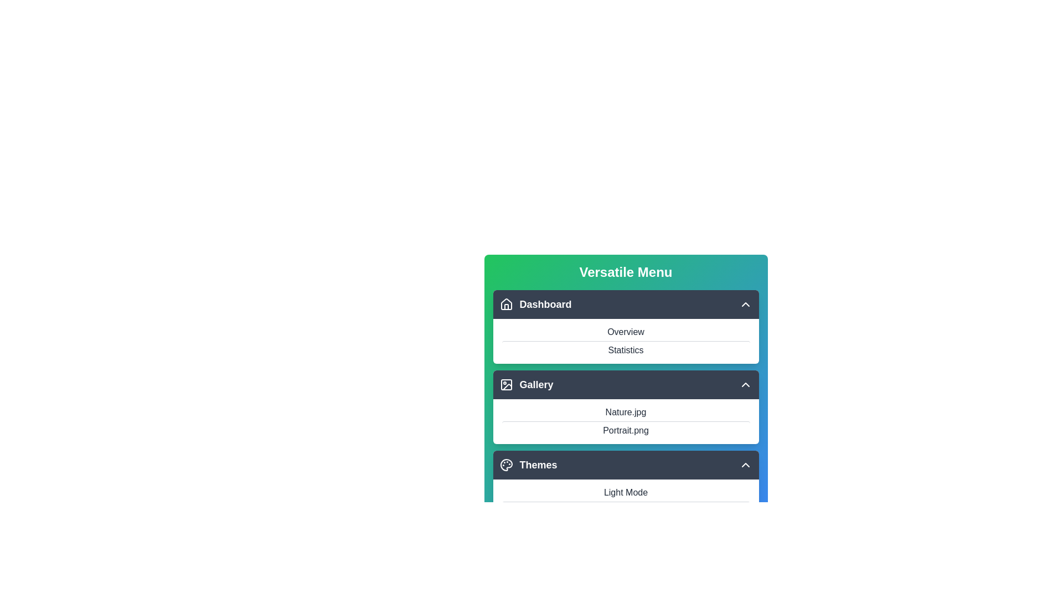 The image size is (1063, 598). Describe the element at coordinates (626, 384) in the screenshot. I see `the item Nature.jpg from the section Gallery` at that location.